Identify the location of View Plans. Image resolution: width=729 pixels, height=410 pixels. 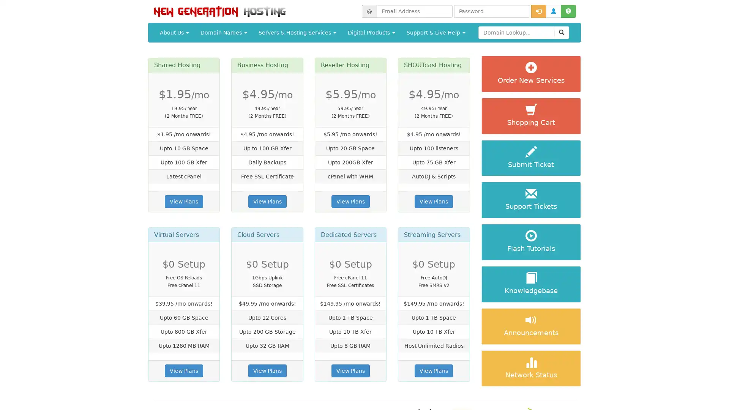
(434, 370).